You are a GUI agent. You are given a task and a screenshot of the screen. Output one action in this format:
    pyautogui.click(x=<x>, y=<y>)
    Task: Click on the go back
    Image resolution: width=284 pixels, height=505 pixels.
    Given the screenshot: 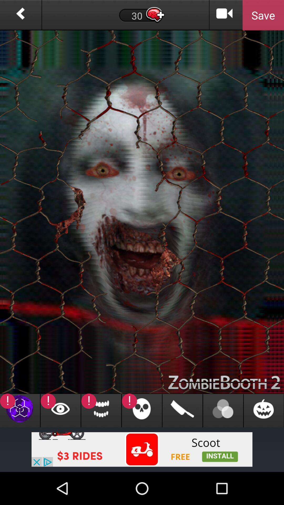 What is the action you would take?
    pyautogui.click(x=20, y=15)
    